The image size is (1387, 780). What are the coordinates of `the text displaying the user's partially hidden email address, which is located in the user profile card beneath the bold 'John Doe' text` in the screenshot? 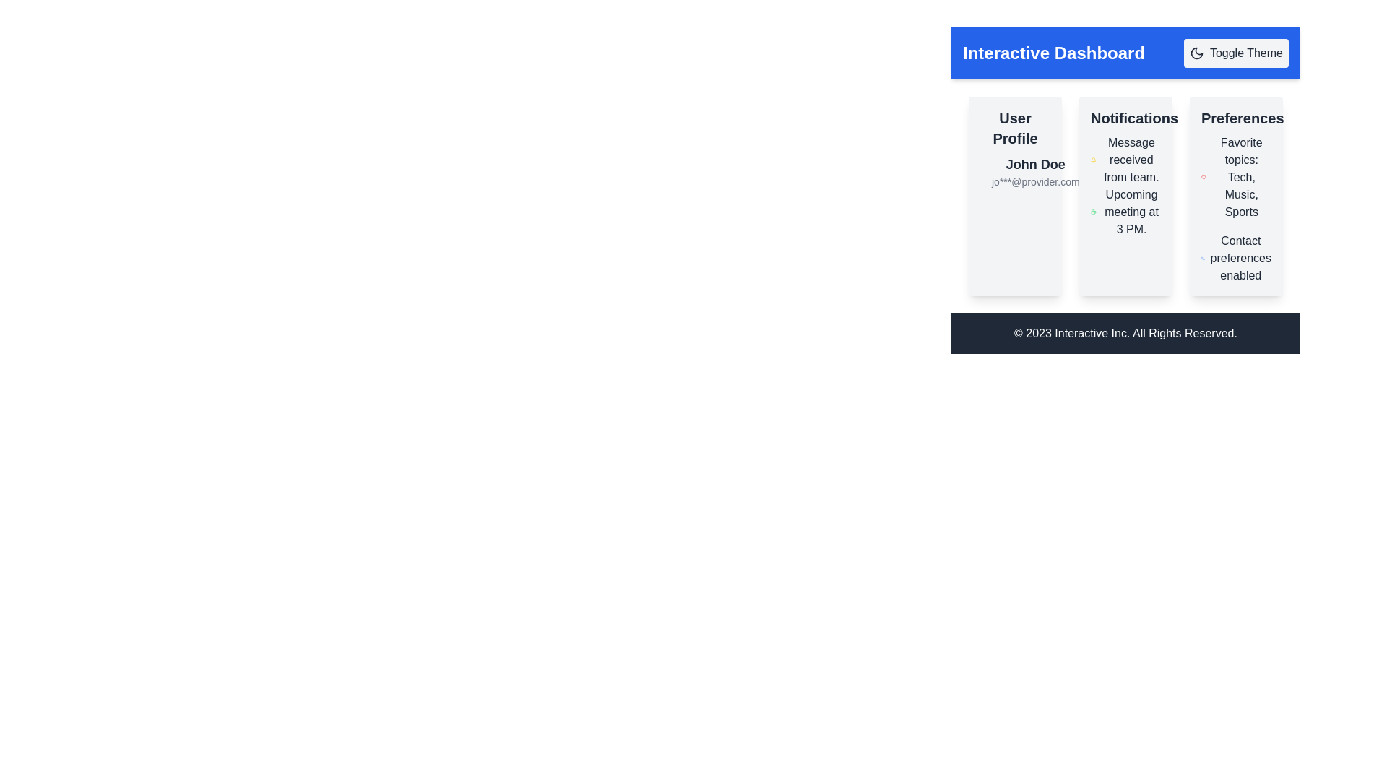 It's located at (1034, 181).